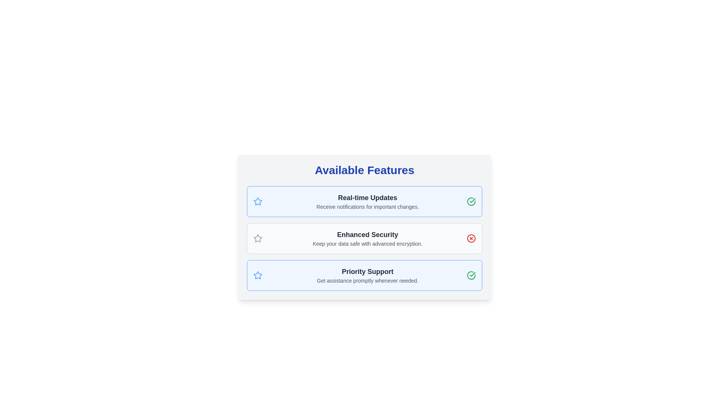 The image size is (724, 407). What do you see at coordinates (471, 275) in the screenshot?
I see `the lower-right portion of the green checkmark icon associated with the 'Priority Support' feature` at bounding box center [471, 275].